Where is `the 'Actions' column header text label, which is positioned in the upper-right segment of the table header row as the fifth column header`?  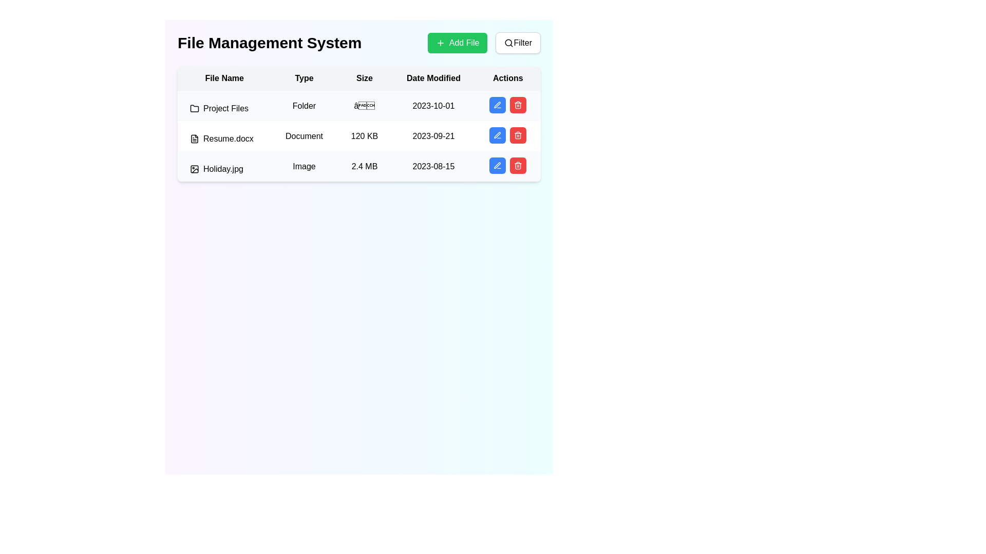
the 'Actions' column header text label, which is positioned in the upper-right segment of the table header row as the fifth column header is located at coordinates (508, 78).